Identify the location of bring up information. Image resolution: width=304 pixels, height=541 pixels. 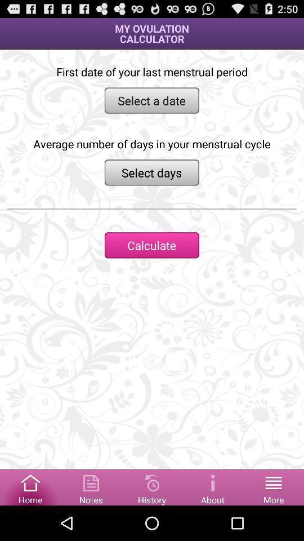
(213, 486).